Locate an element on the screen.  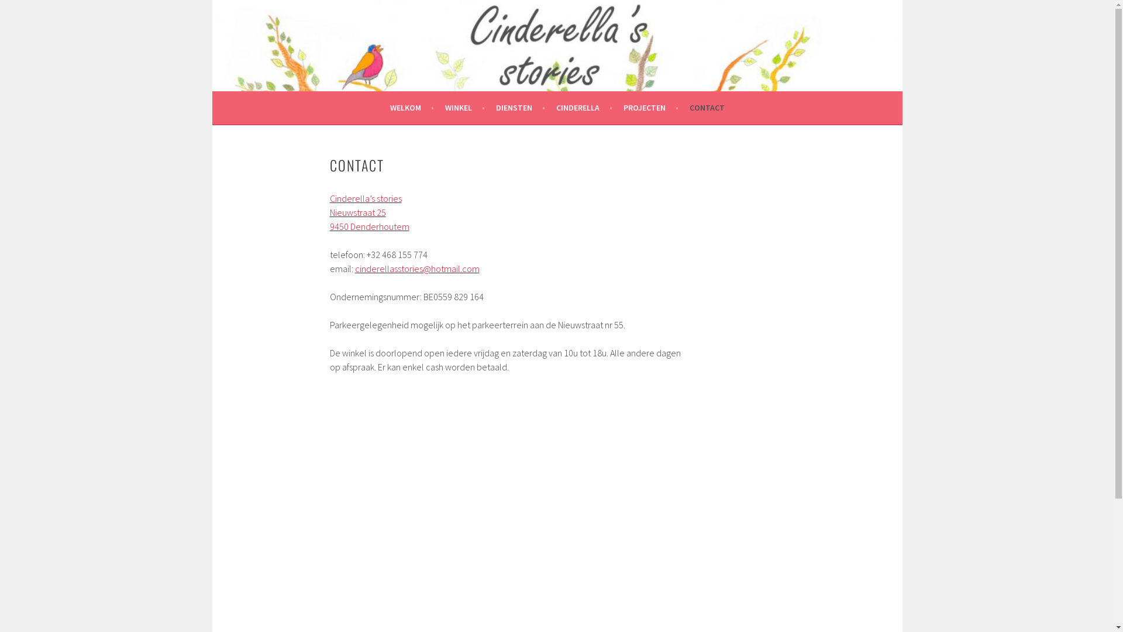
'9450 Denderhoutem' is located at coordinates (369, 226).